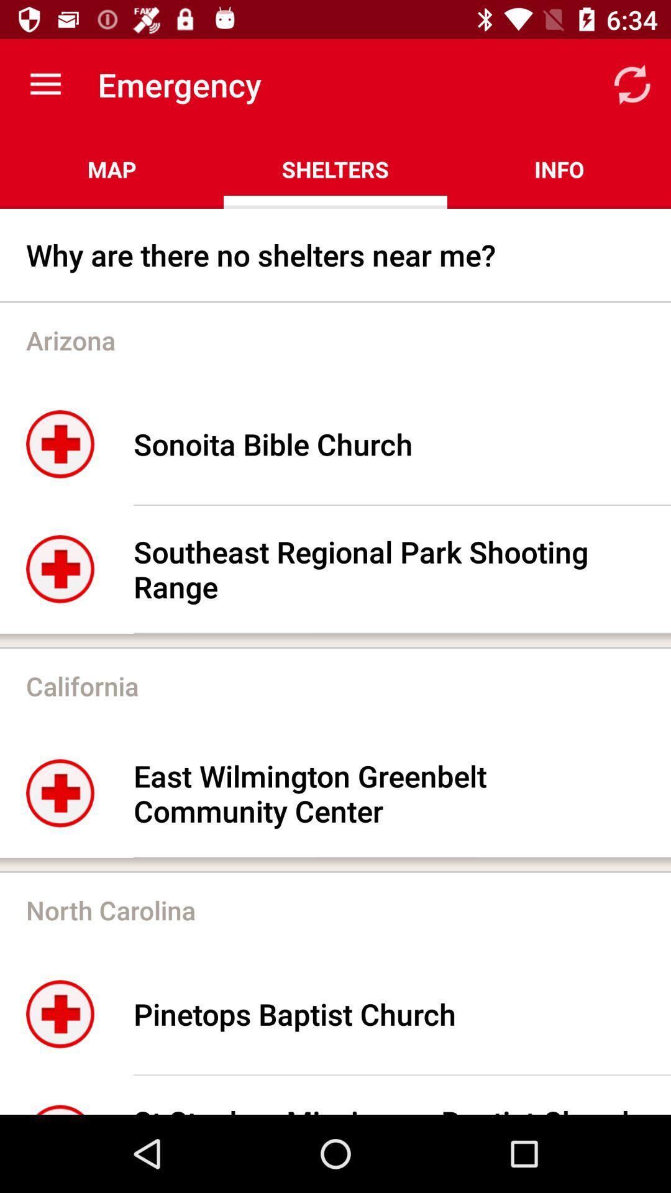 Image resolution: width=671 pixels, height=1193 pixels. I want to click on map, so click(112, 169).